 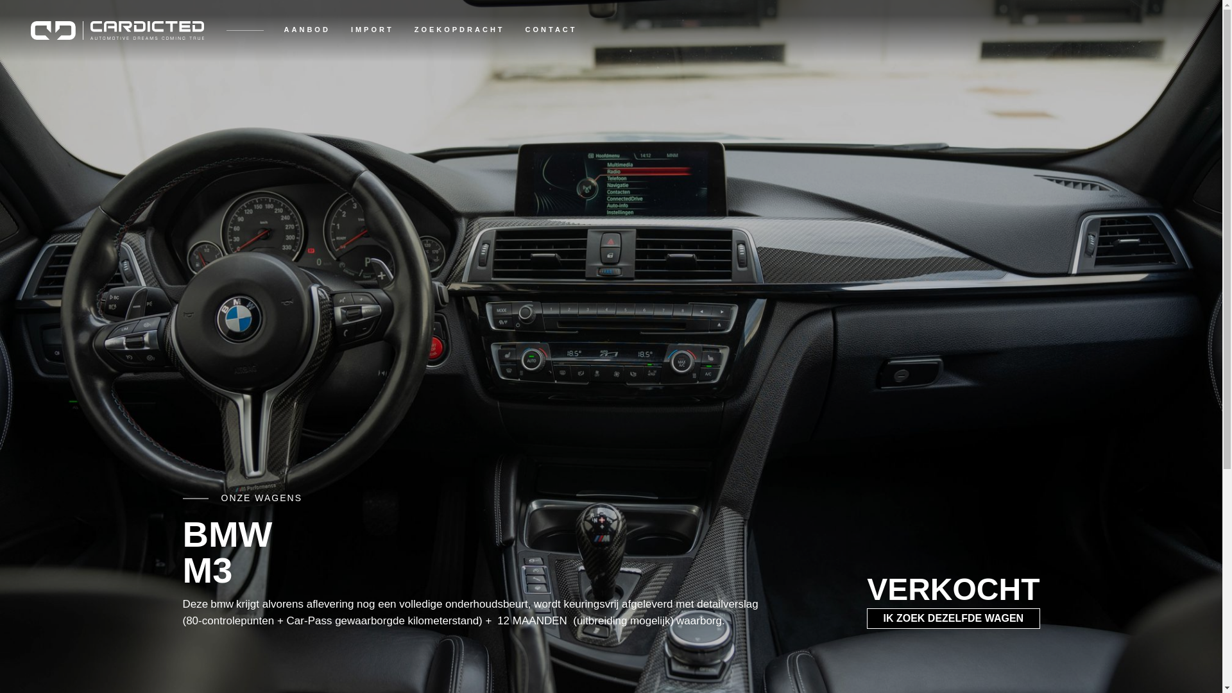 I want to click on 'AANBOD', so click(x=307, y=30).